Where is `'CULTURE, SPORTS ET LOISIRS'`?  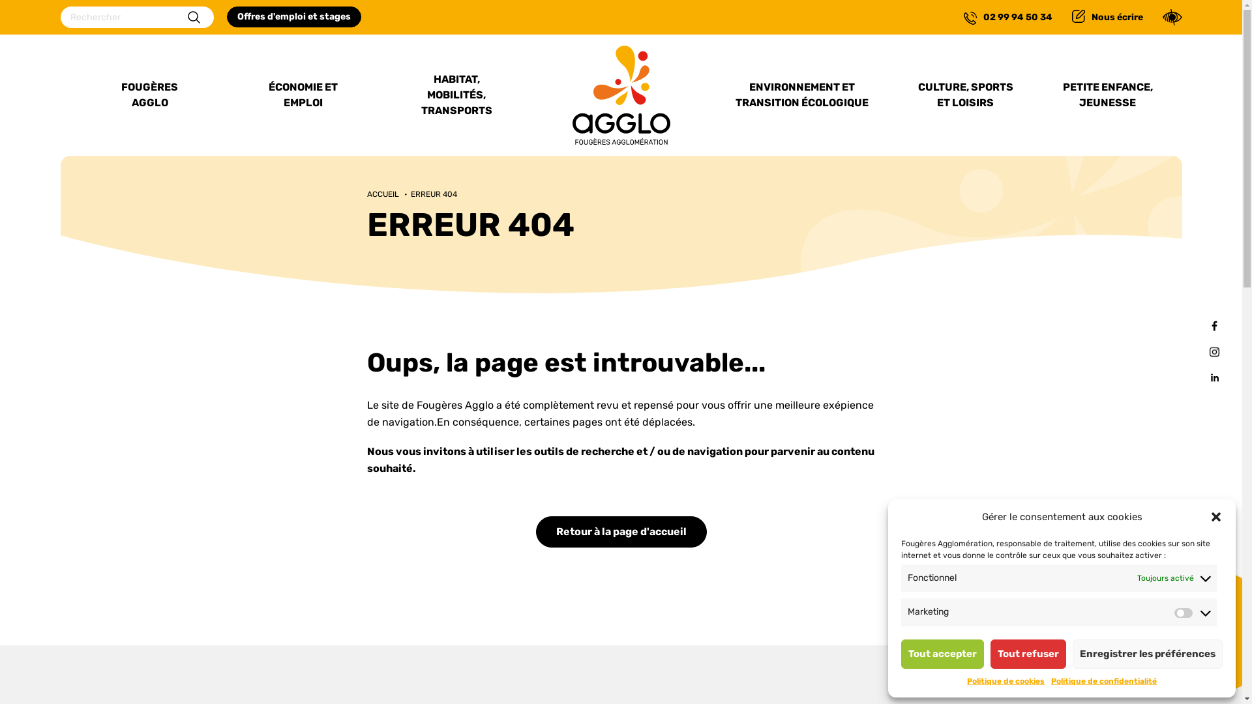
'CULTURE, SPORTS ET LOISIRS' is located at coordinates (965, 95).